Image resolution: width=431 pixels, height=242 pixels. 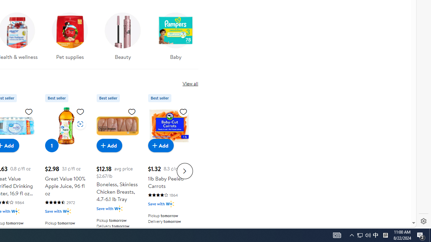 What do you see at coordinates (66, 126) in the screenshot?
I see `'Great Value 100% Apple Juice, 96 fl oz'` at bounding box center [66, 126].